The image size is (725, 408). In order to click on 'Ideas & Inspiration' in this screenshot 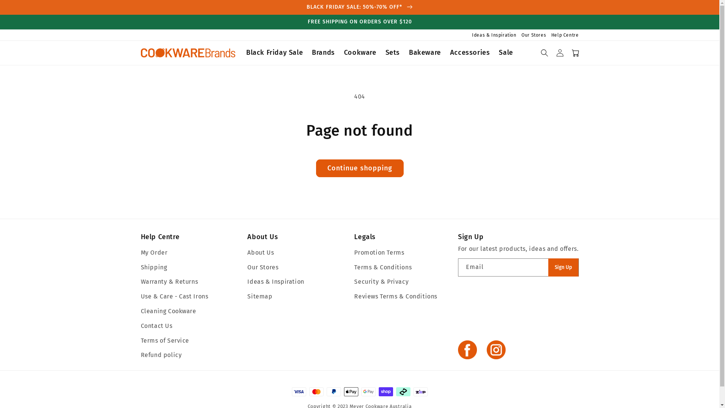, I will do `click(275, 282)`.